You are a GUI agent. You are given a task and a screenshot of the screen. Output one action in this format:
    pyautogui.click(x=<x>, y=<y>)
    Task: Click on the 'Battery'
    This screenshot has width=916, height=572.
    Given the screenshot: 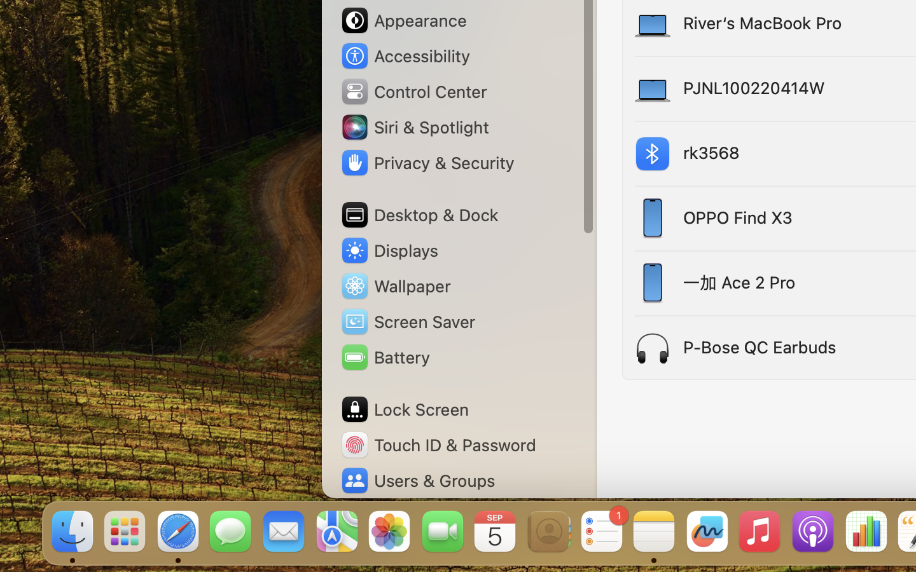 What is the action you would take?
    pyautogui.click(x=384, y=356)
    